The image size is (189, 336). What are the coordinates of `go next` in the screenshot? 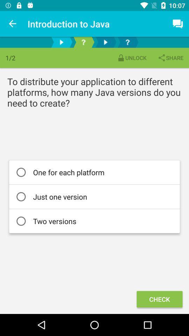 It's located at (105, 42).